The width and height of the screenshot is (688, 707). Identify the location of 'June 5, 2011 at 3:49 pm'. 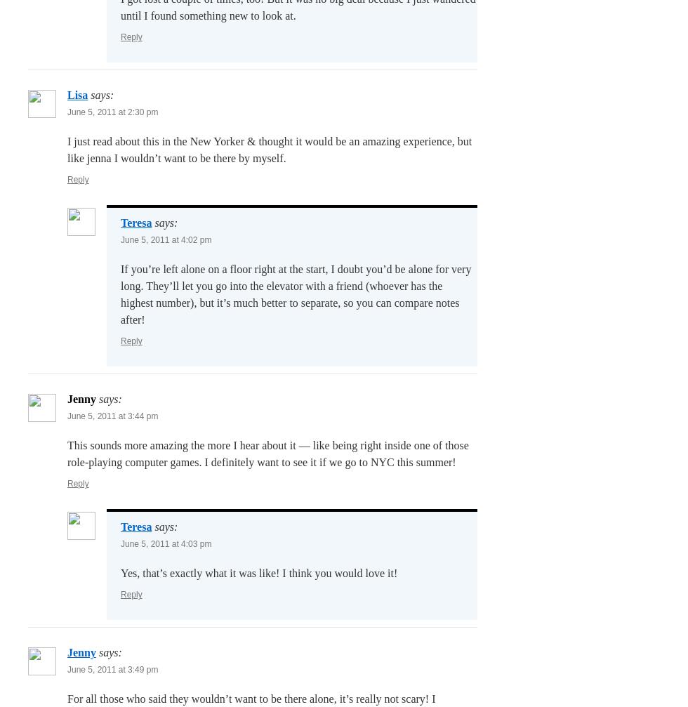
(112, 669).